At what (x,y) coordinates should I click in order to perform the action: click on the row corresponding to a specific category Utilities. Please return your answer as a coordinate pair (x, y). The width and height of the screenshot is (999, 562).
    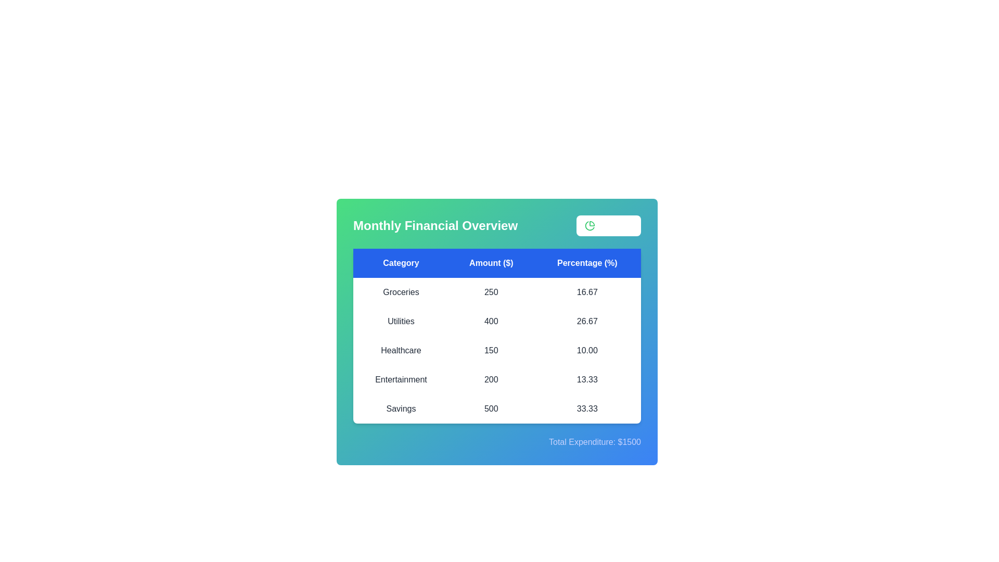
    Looking at the image, I should click on (401, 321).